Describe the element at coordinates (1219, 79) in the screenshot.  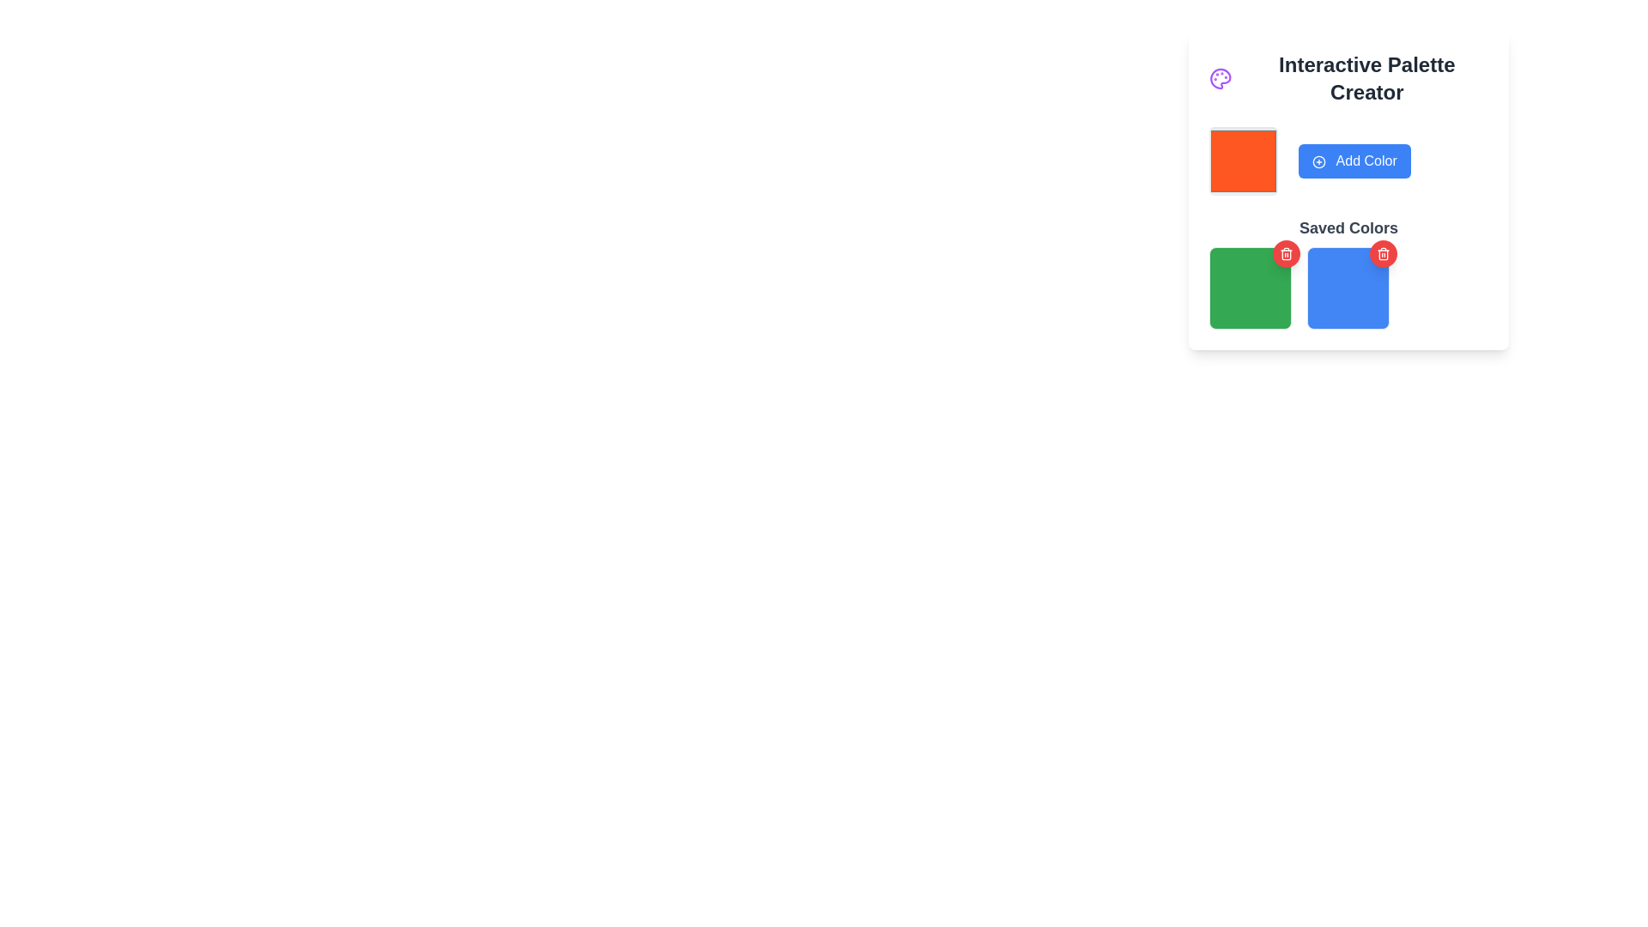
I see `the palette icon located at the top-left corner of the section, next to the 'Interactive Palette Creator' heading` at that location.